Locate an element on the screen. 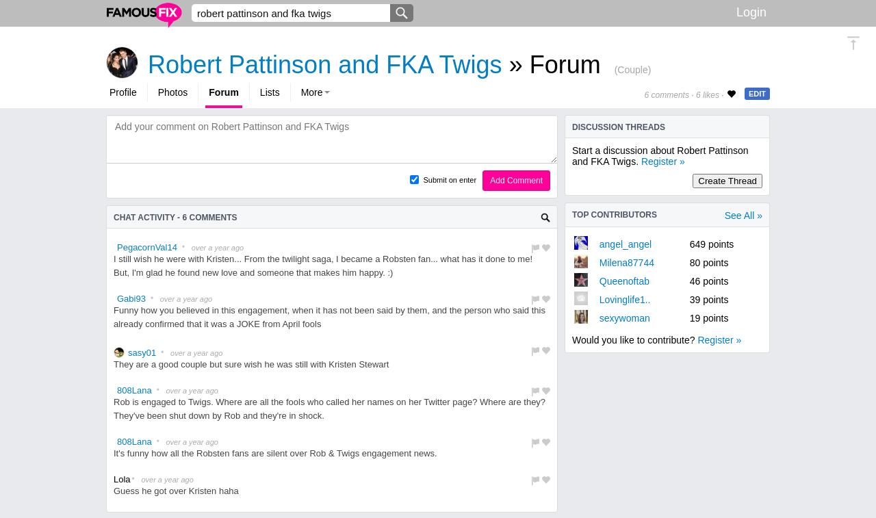  '(Couple)' is located at coordinates (613, 68).